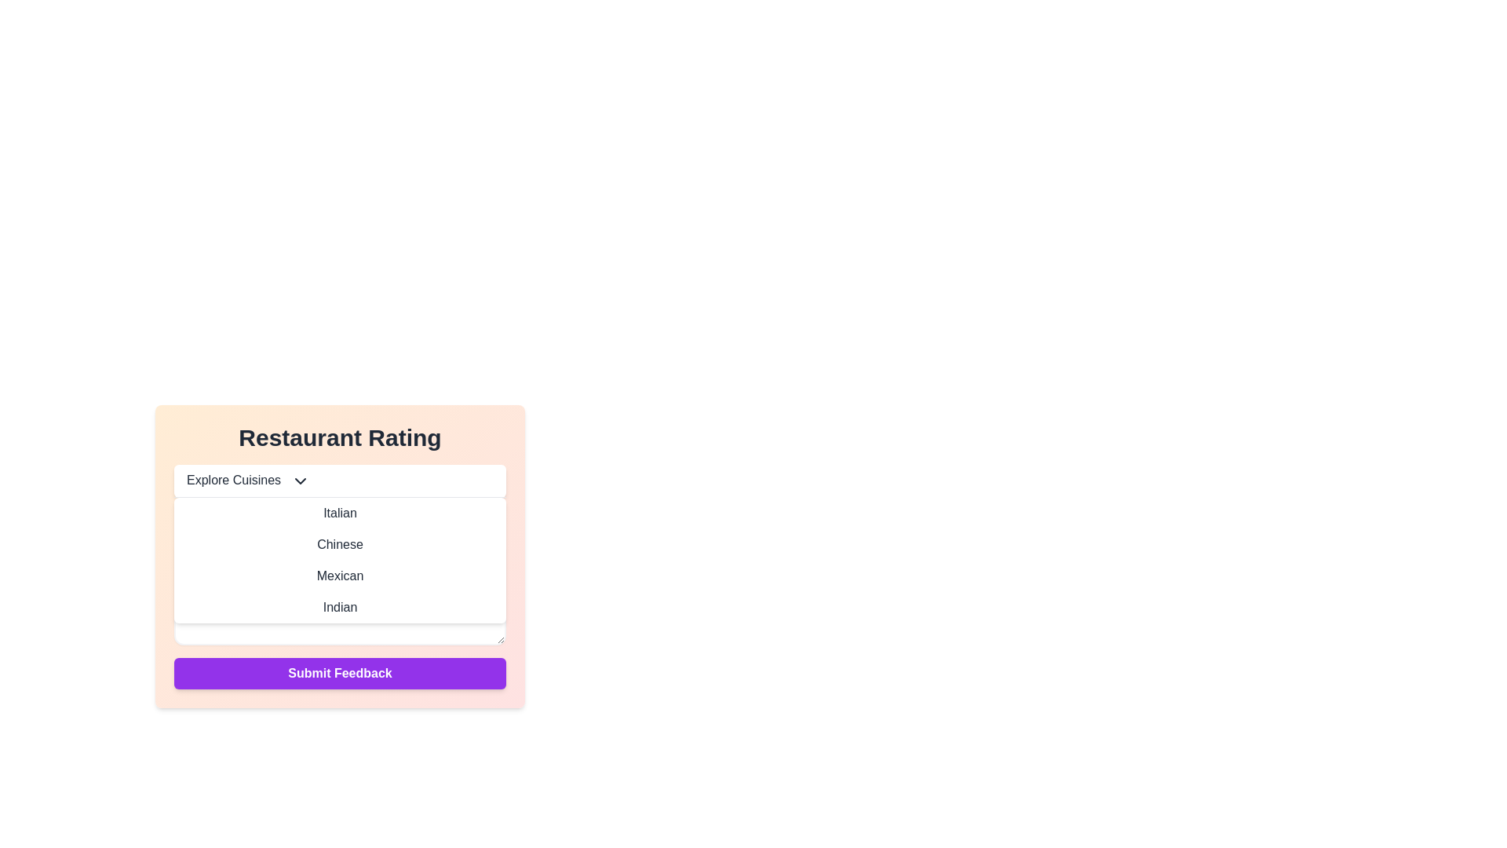  I want to click on the 'Submit Feedback' button, which has a vibrant purple background and white text, located at the bottom of the 'Restaurant Rating' panel, so click(339, 672).